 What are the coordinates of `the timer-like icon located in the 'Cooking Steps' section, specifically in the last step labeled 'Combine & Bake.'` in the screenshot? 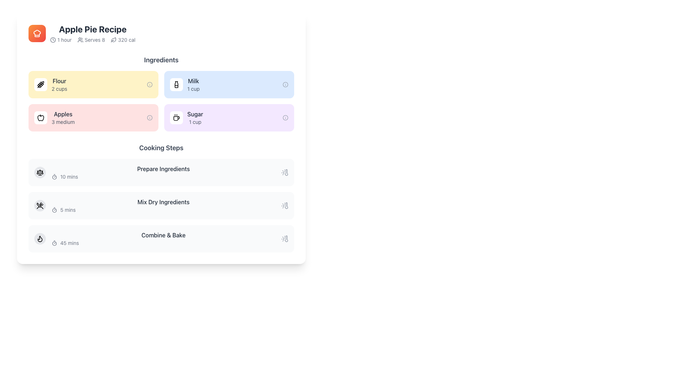 It's located at (54, 243).